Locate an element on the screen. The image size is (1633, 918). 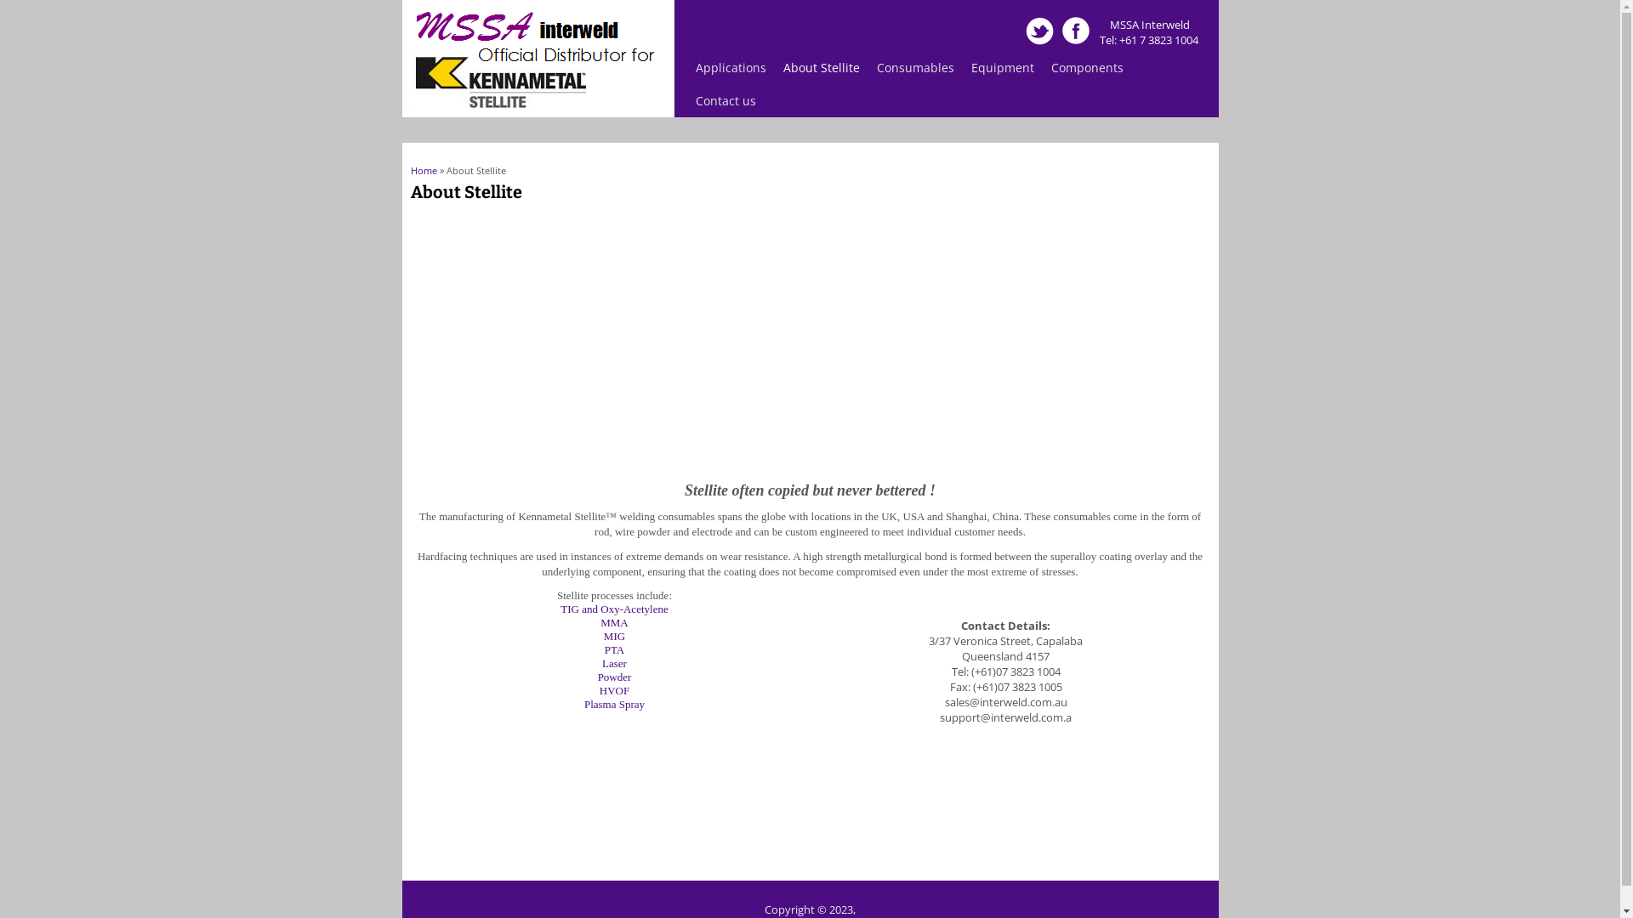
'MIG' is located at coordinates (604, 636).